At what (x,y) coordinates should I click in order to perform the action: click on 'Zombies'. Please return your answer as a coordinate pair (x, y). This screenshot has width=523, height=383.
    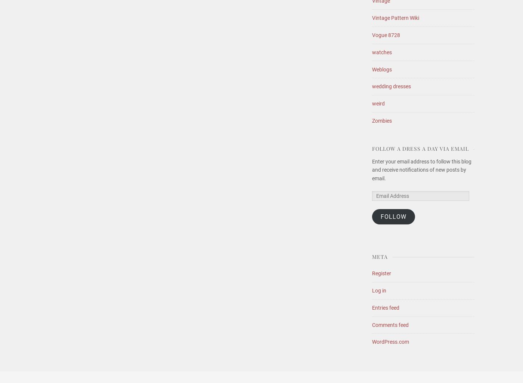
    Looking at the image, I should click on (382, 120).